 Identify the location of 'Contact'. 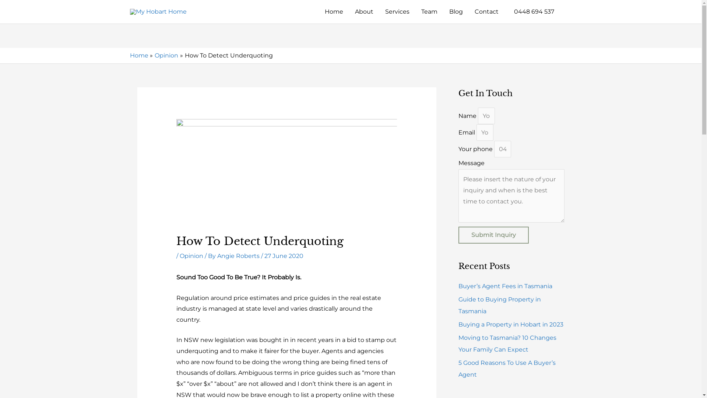
(486, 11).